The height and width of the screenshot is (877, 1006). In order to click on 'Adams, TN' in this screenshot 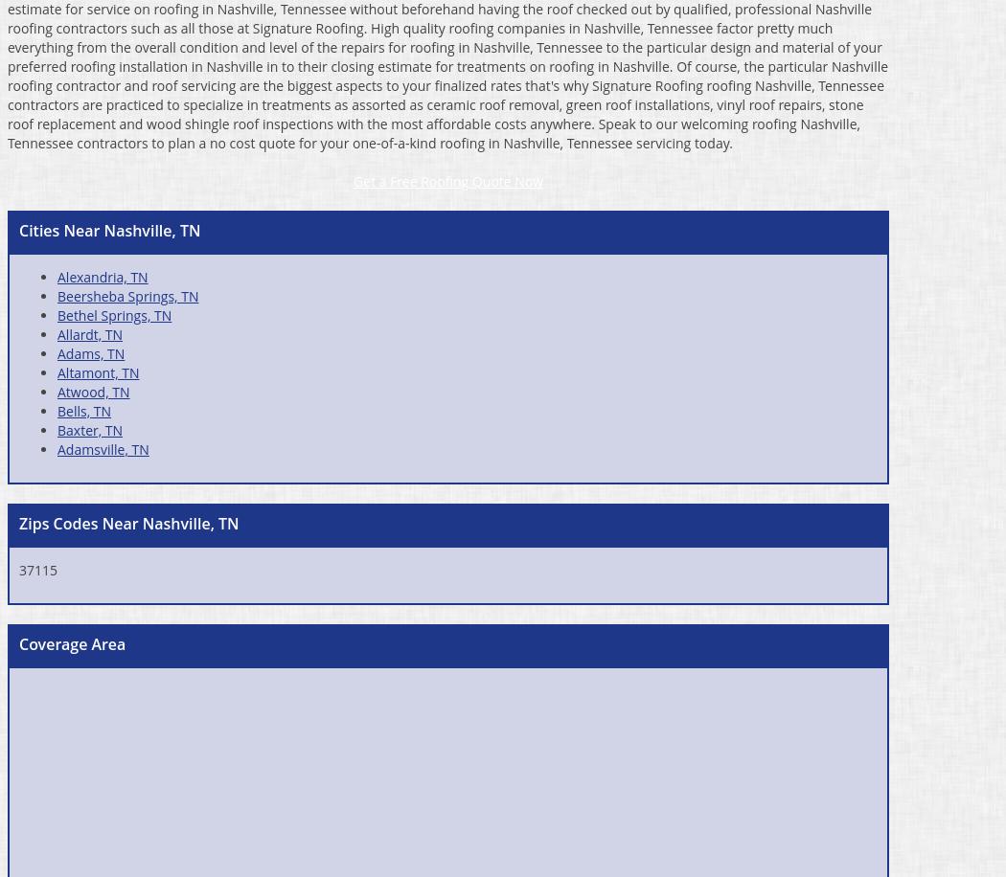, I will do `click(91, 352)`.